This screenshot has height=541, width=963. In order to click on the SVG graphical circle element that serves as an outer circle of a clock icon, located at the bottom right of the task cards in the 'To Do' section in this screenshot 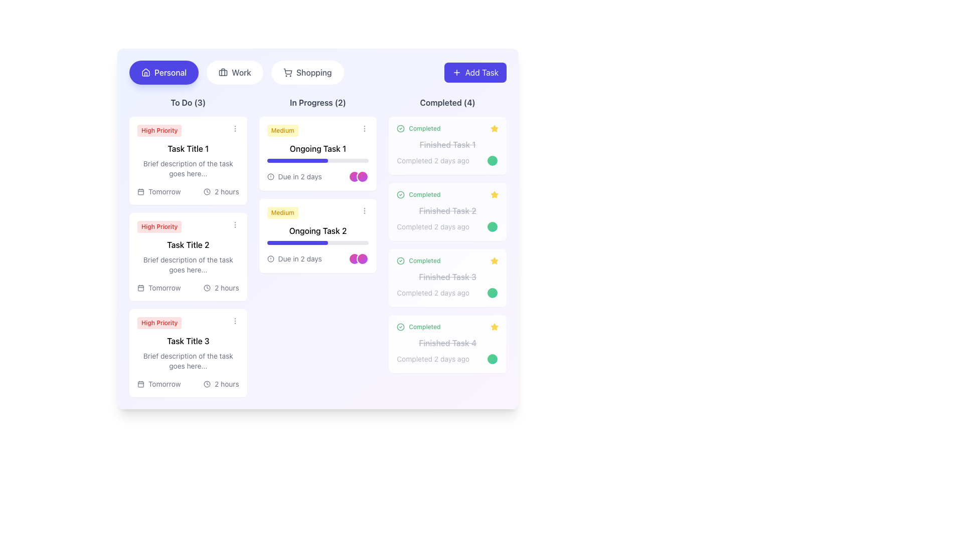, I will do `click(207, 384)`.